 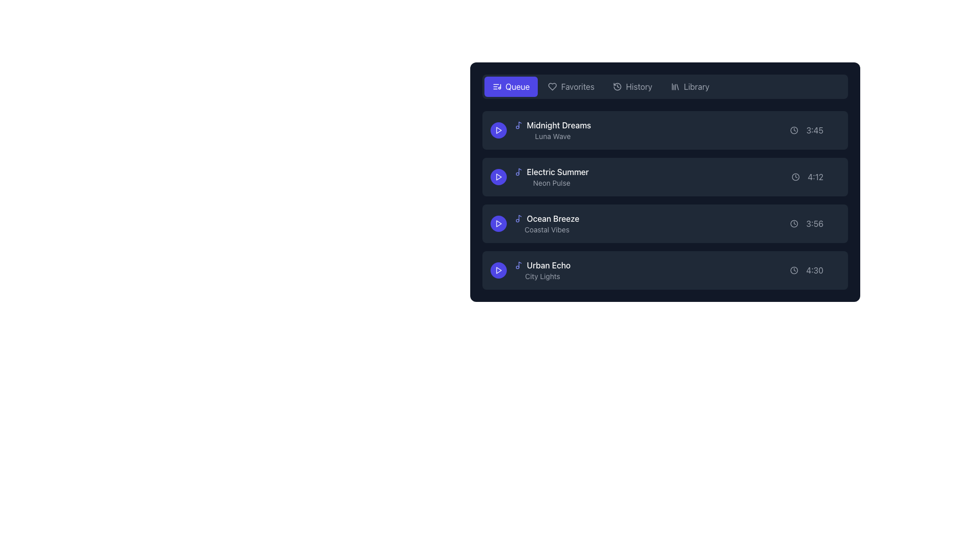 What do you see at coordinates (690, 86) in the screenshot?
I see `the 'Library' button` at bounding box center [690, 86].